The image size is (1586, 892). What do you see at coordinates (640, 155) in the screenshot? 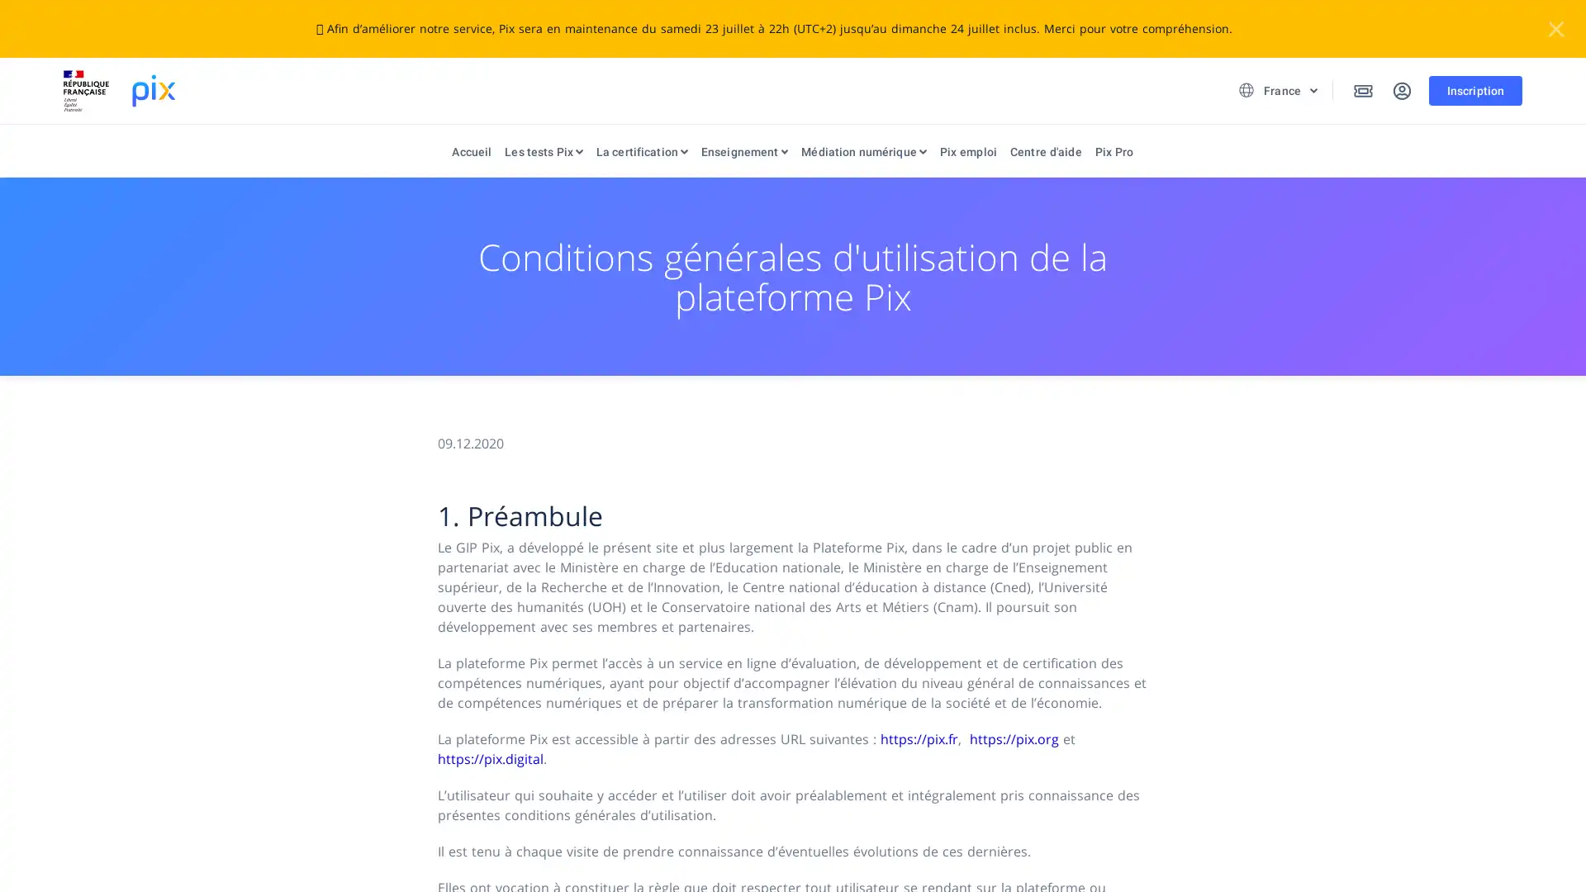
I see `La certification` at bounding box center [640, 155].